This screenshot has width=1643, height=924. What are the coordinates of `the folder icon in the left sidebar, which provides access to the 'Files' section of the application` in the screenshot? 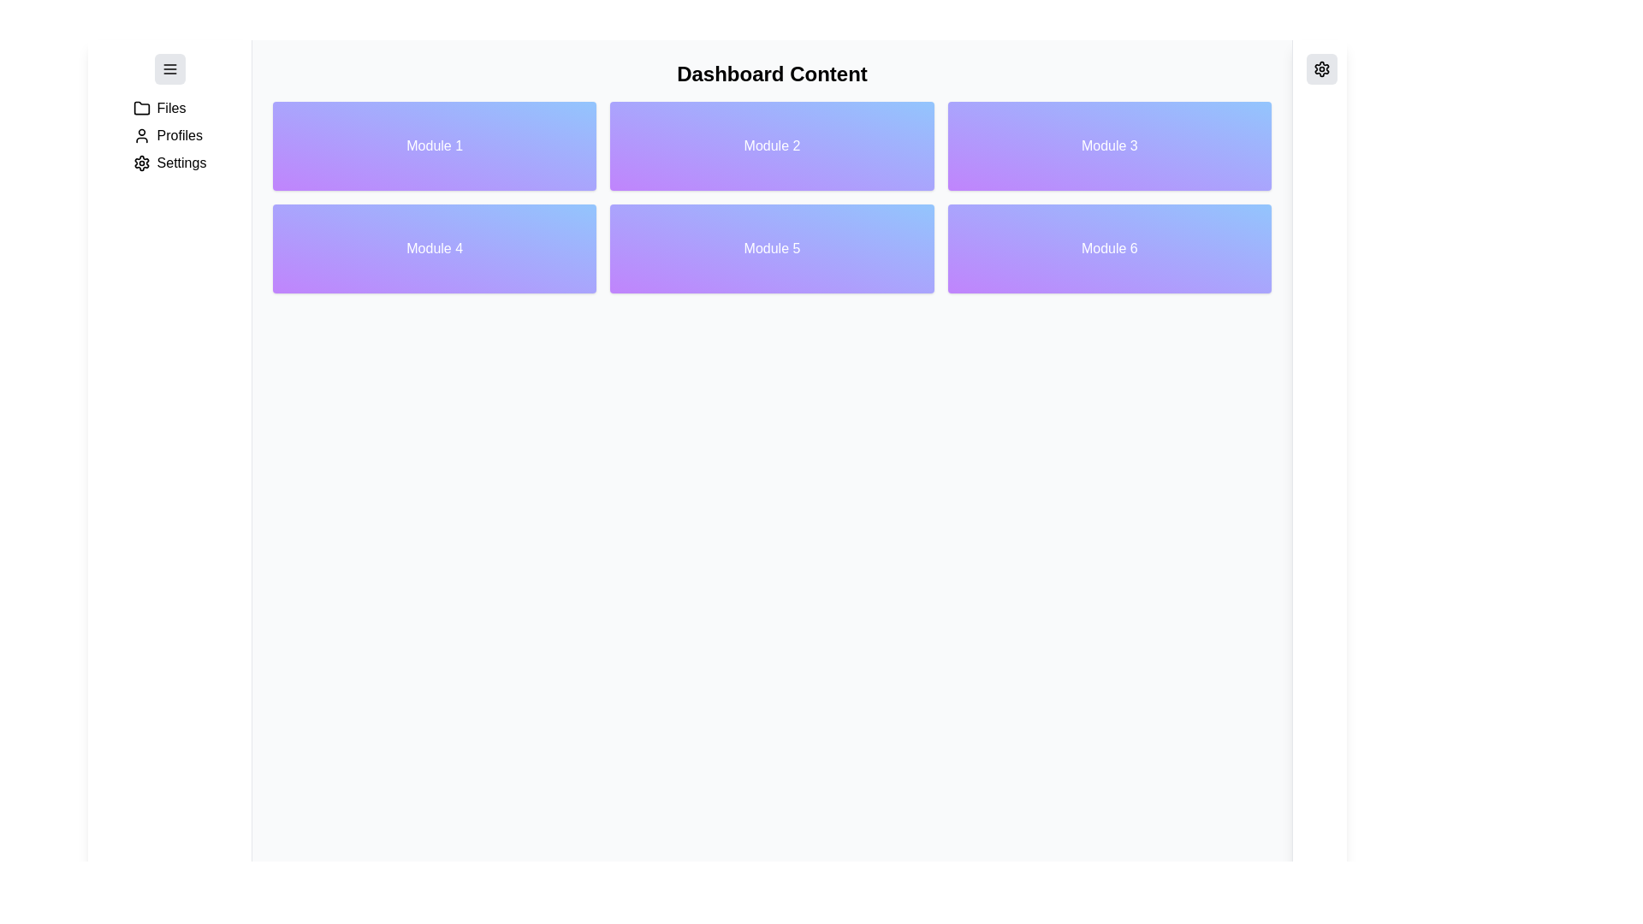 It's located at (141, 108).